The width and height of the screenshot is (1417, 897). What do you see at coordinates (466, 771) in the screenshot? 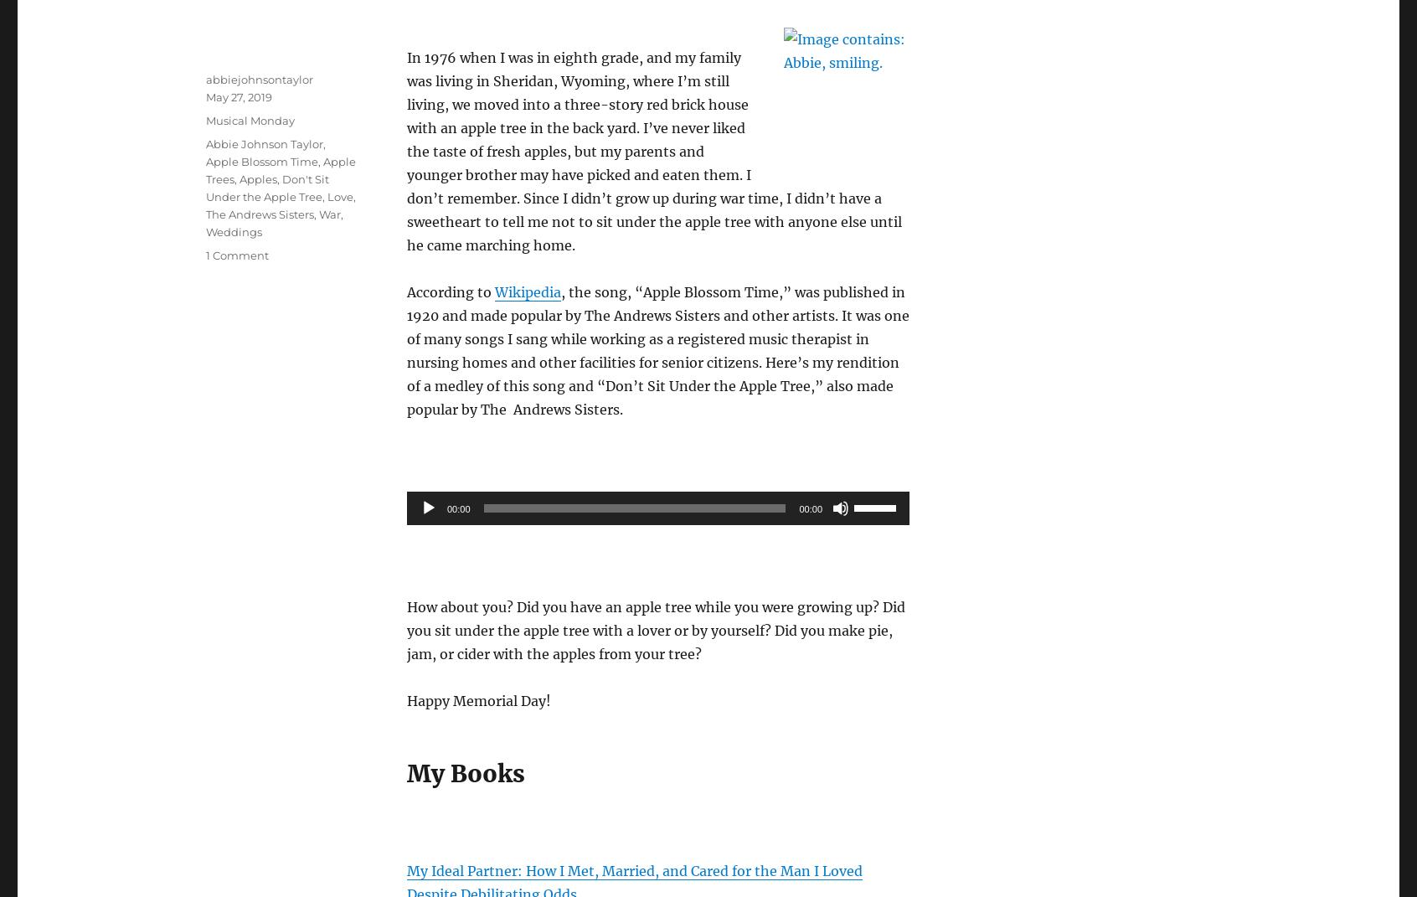
I see `'My Books'` at bounding box center [466, 771].